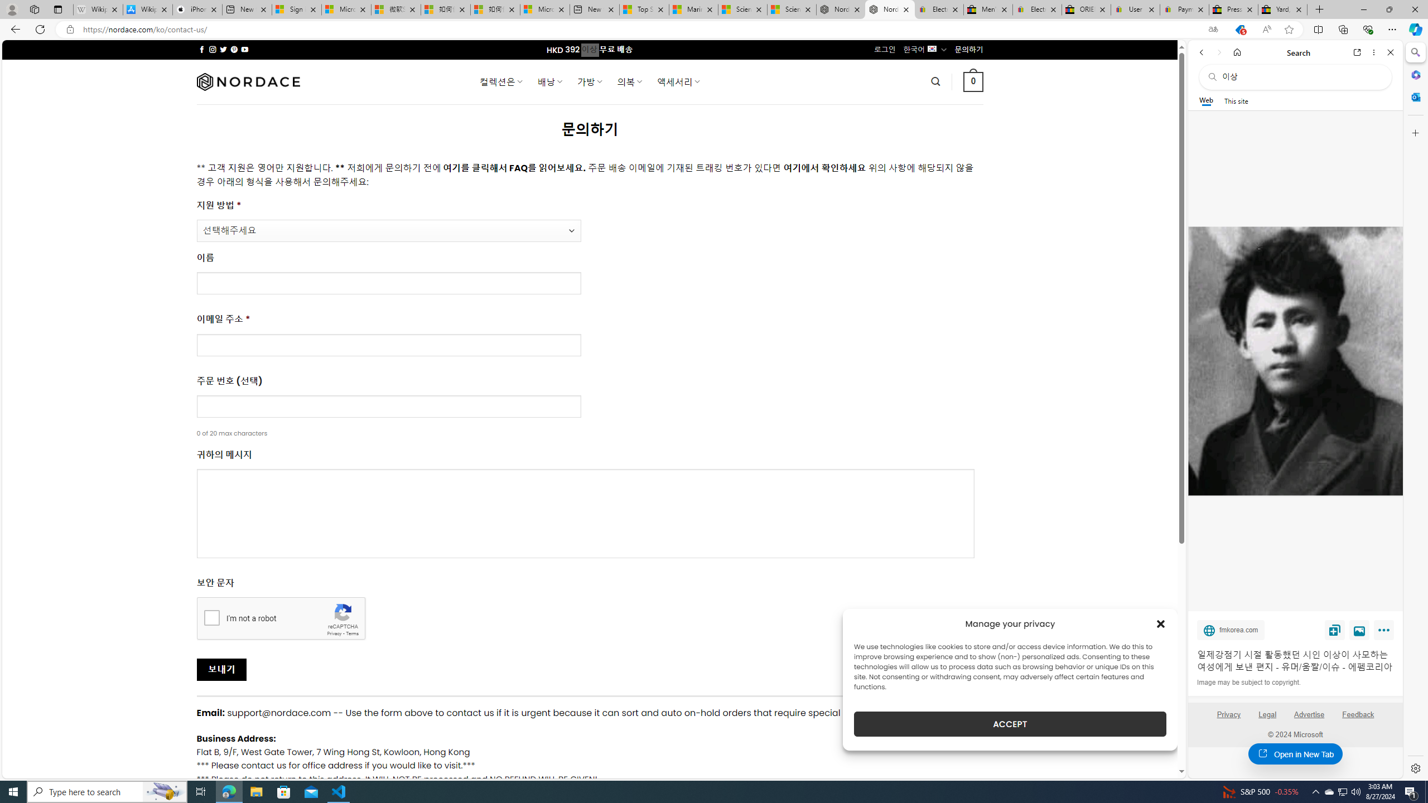 The image size is (1428, 803). What do you see at coordinates (973, 81) in the screenshot?
I see `' 0 '` at bounding box center [973, 81].